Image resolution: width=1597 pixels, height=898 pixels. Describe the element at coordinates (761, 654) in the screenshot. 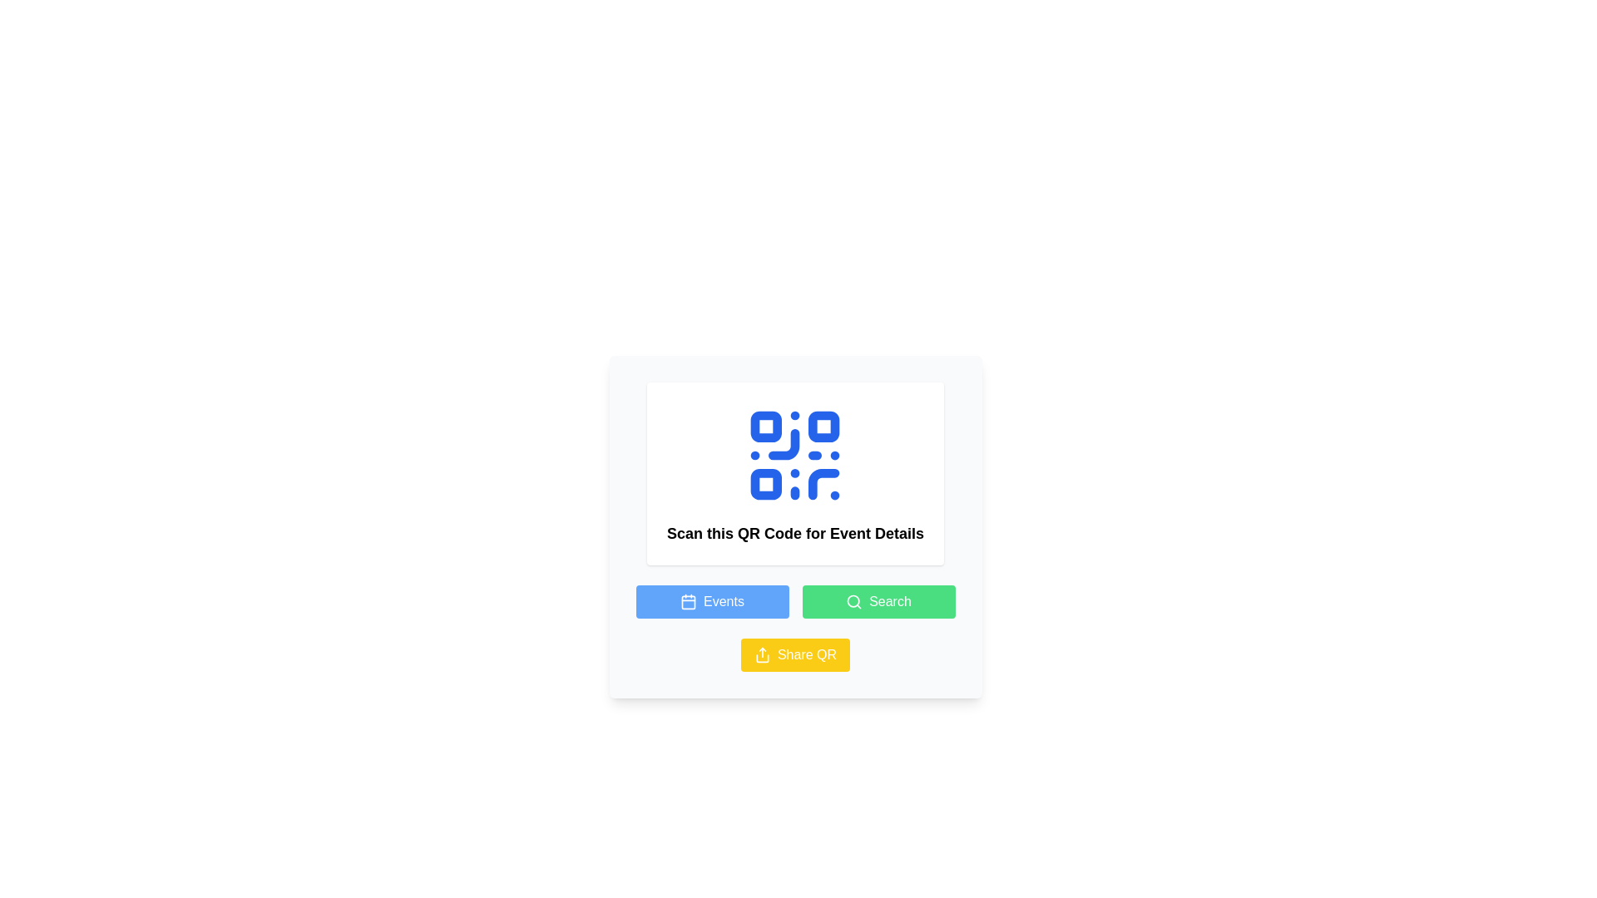

I see `the share QR code icon located inside the yellow rectangular button labeled 'Share QR' at the bottom-right of the interface` at that location.